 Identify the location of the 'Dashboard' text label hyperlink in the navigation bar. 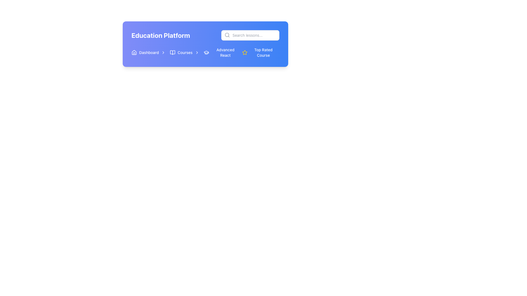
(149, 53).